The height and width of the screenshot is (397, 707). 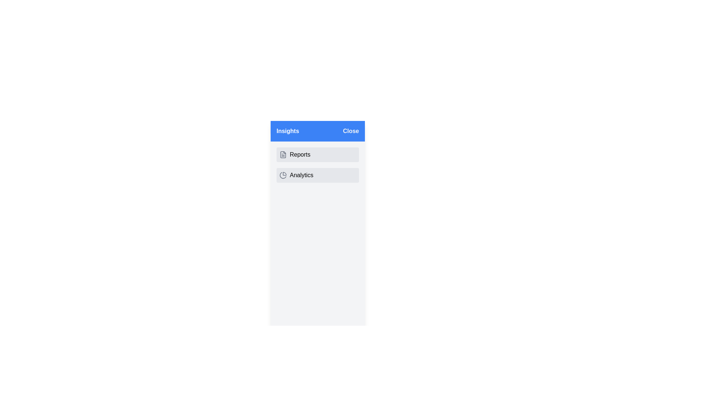 I want to click on the 'Analytics' text label in bold, black font on a light gray background, so click(x=302, y=175).